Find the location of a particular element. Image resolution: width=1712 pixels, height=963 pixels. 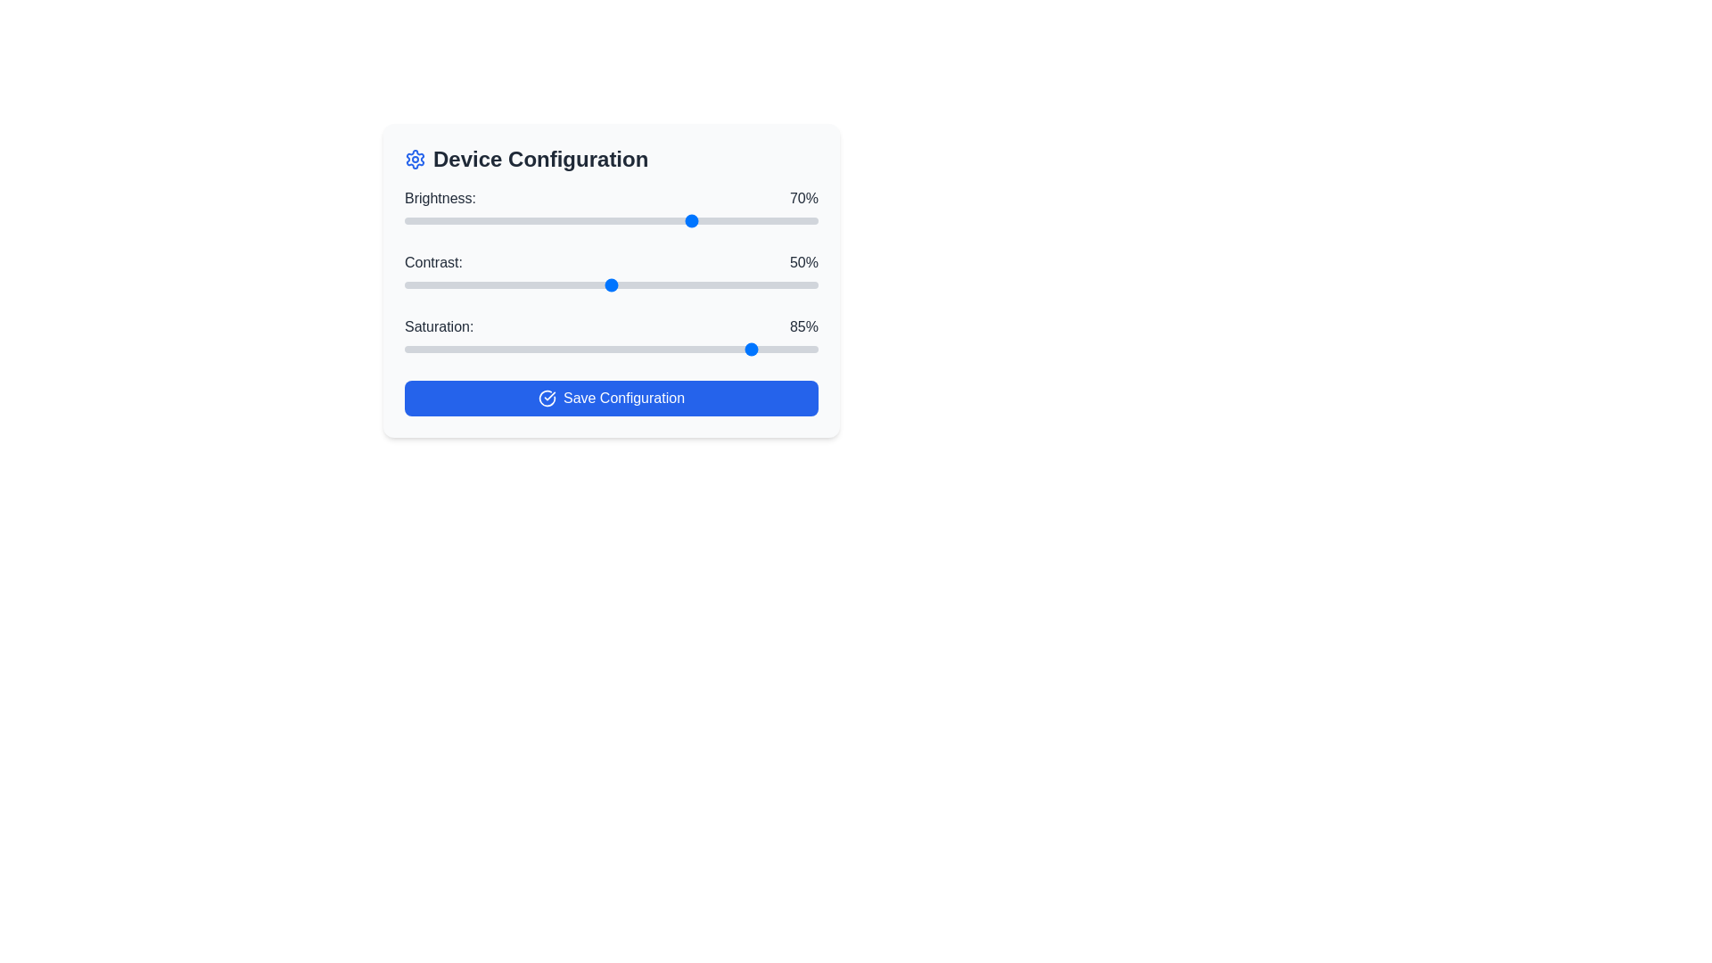

the gear icon that signifies configuration options for modifying settings related to 'Device Configuration', positioned to the left of the text 'Device Configuration' is located at coordinates (414, 158).